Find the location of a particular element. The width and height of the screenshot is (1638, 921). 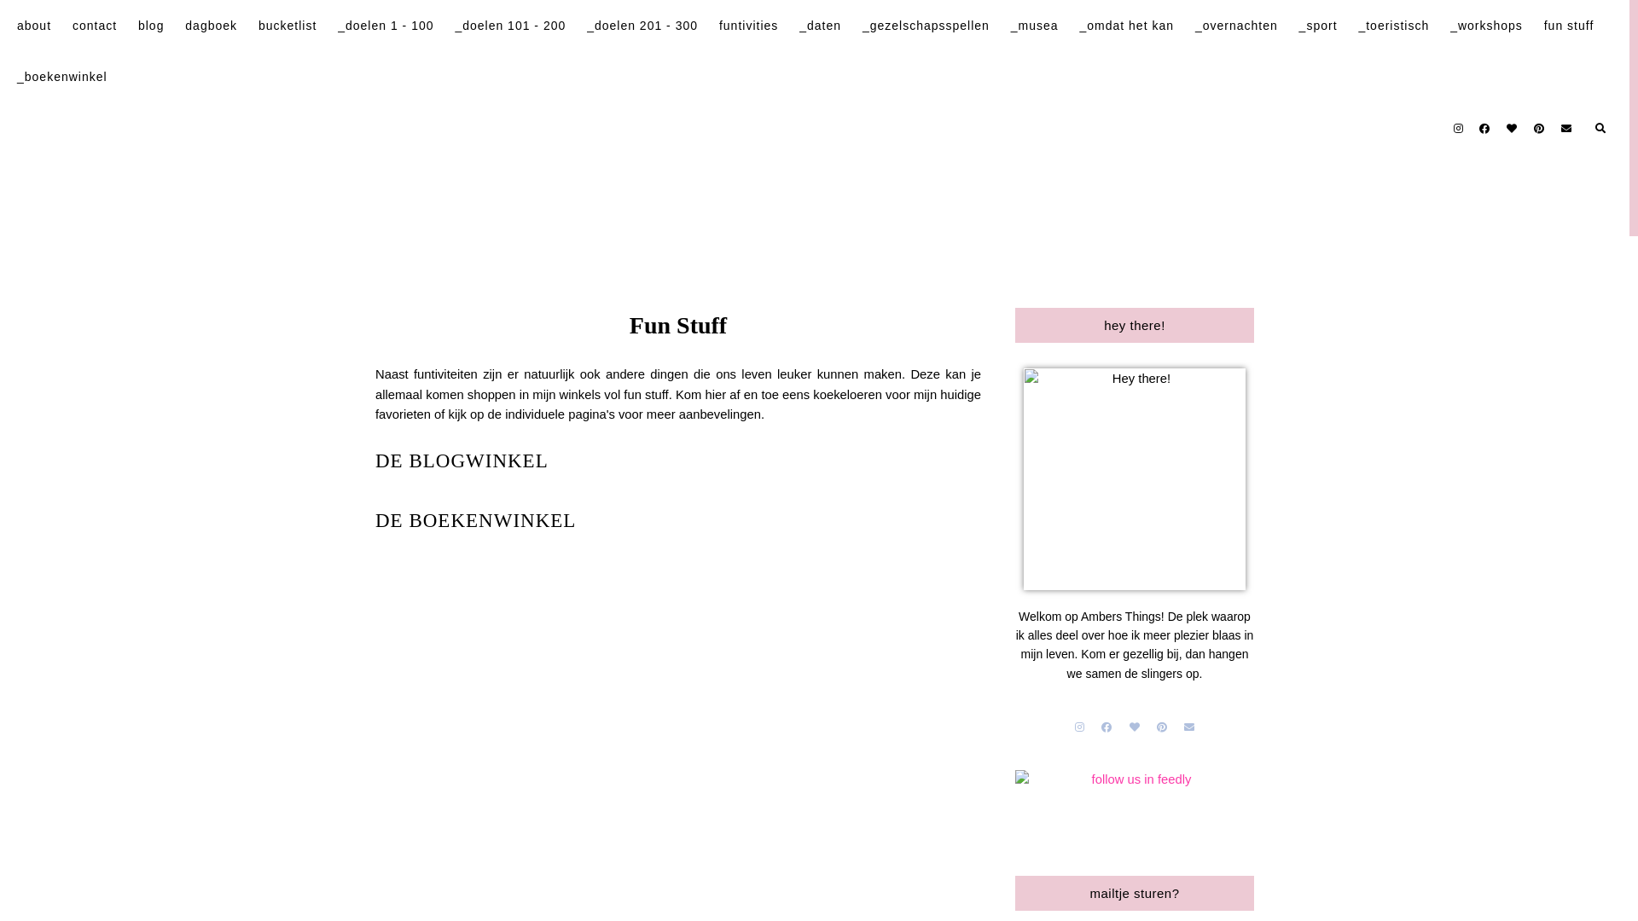

'_toeristisch' is located at coordinates (1393, 26).